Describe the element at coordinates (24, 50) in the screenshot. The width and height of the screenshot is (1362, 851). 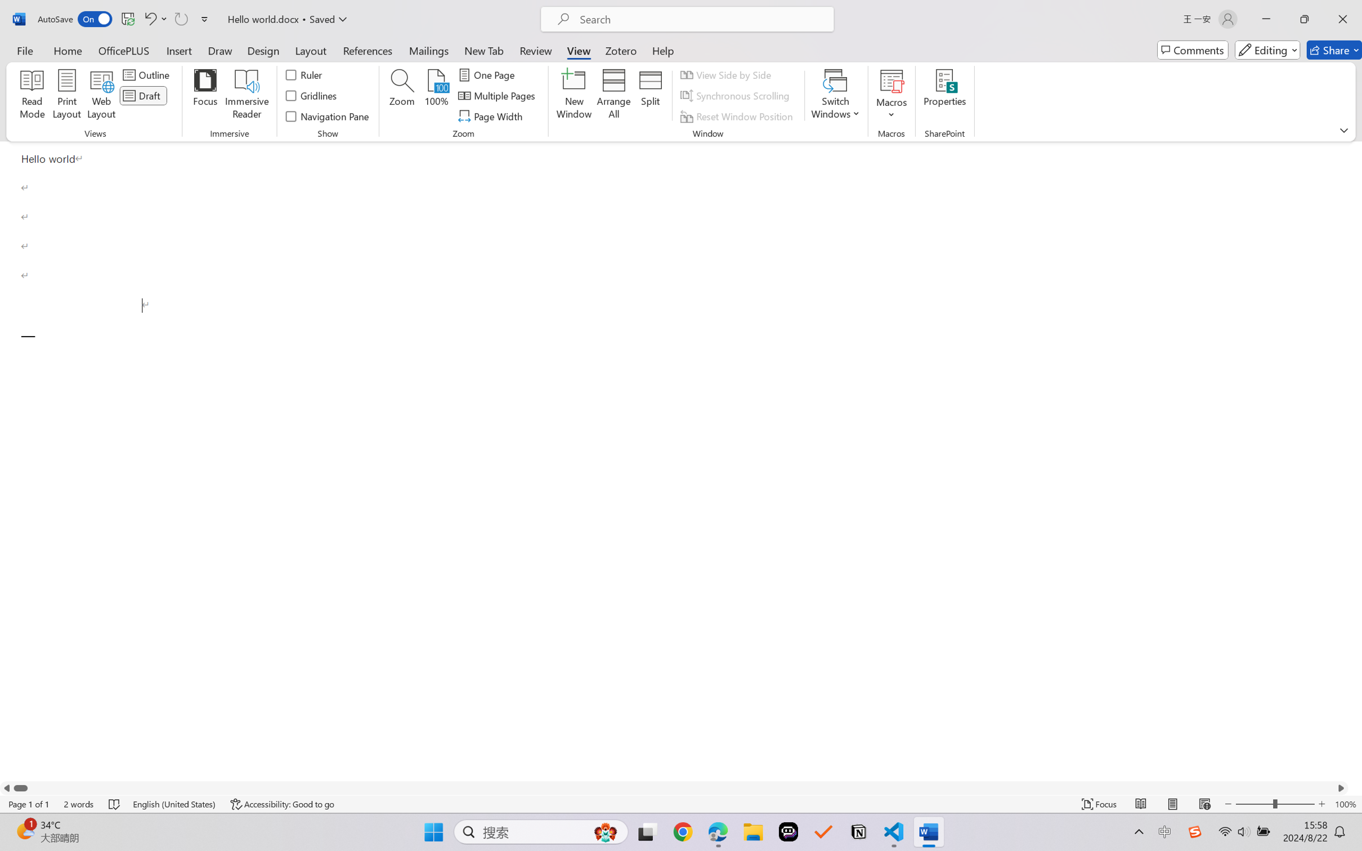
I see `'File Tab'` at that location.